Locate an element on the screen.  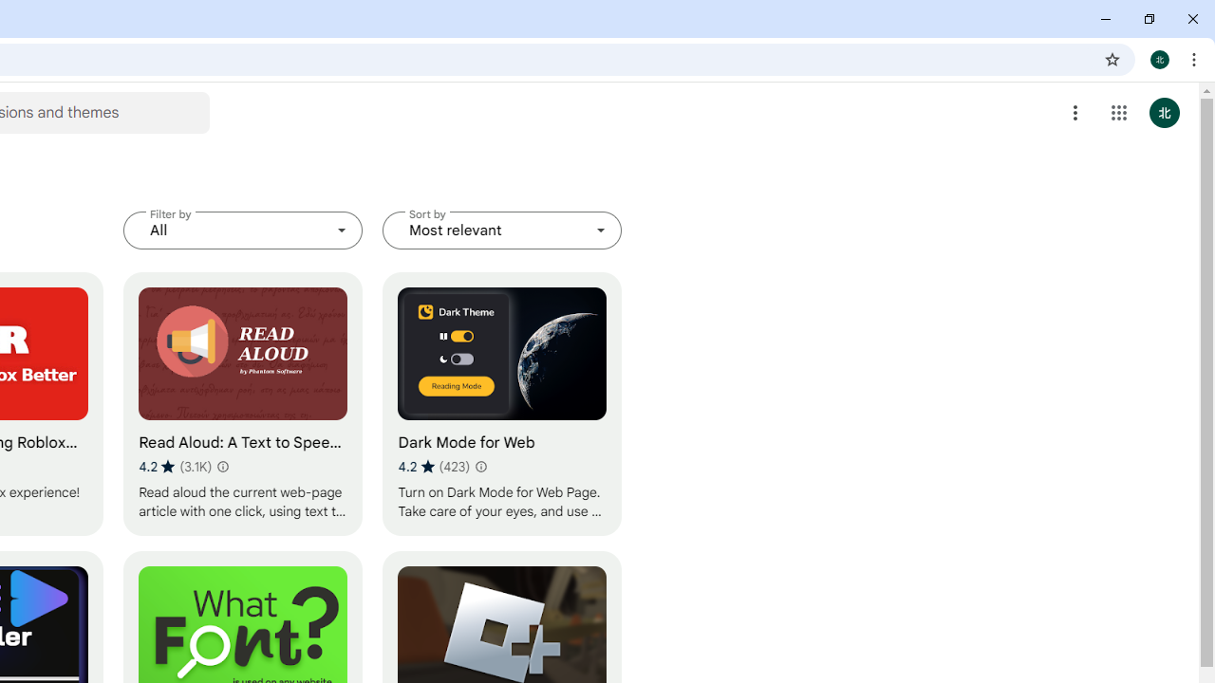
'Average rating 4.2 out of 5 stars. 3.1K ratings.' is located at coordinates (175, 466).